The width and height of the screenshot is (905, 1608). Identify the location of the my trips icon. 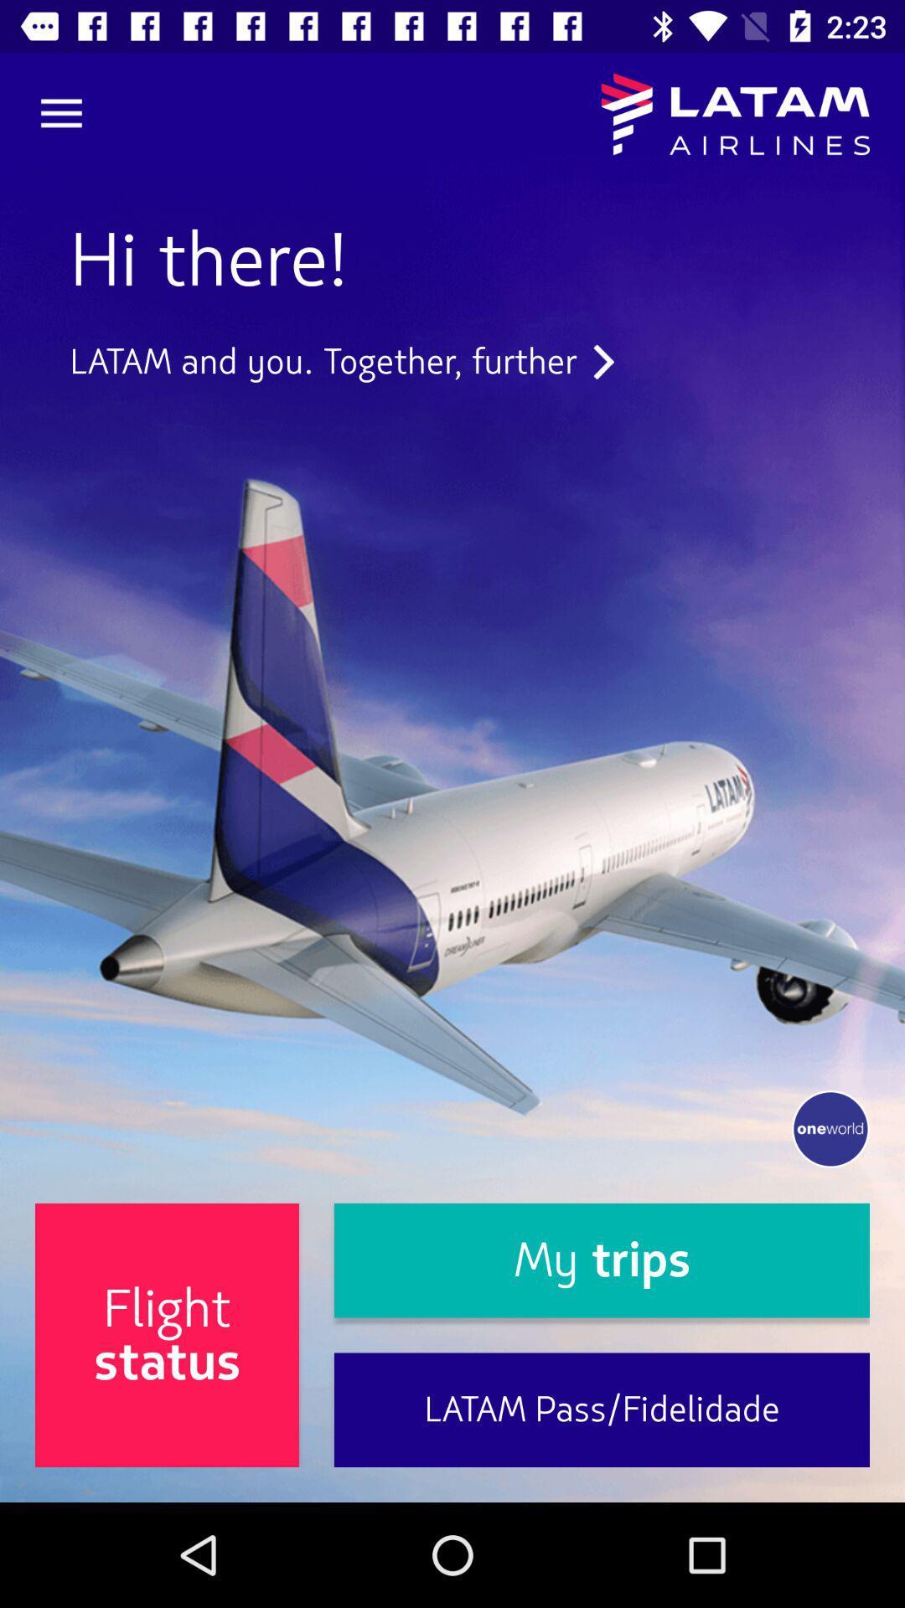
(601, 1260).